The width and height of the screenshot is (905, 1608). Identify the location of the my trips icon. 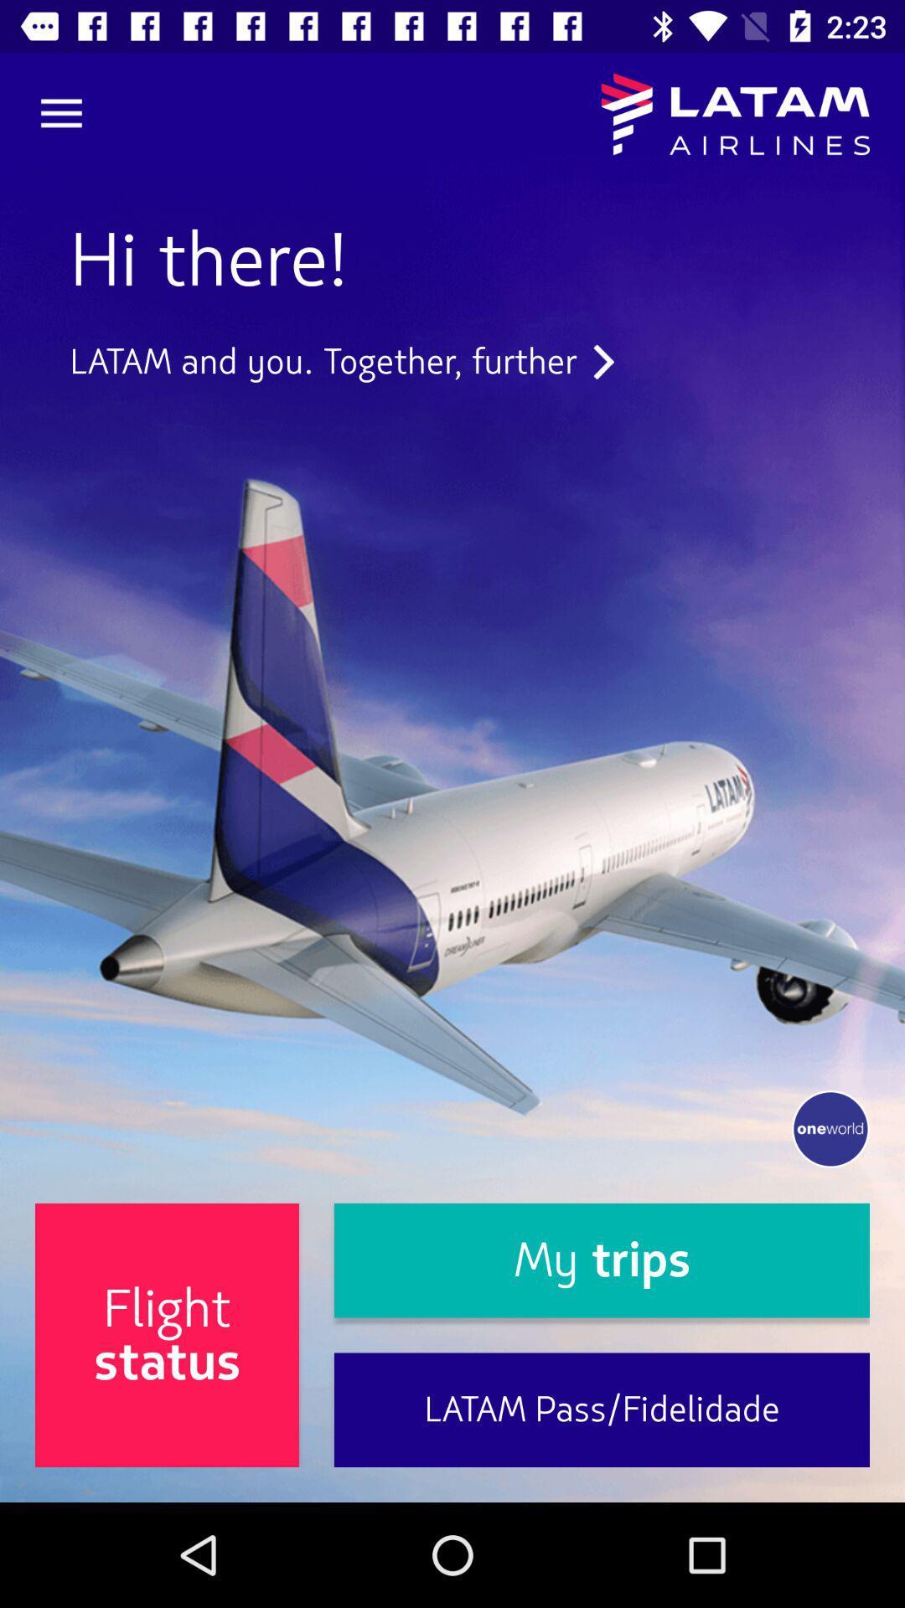
(601, 1260).